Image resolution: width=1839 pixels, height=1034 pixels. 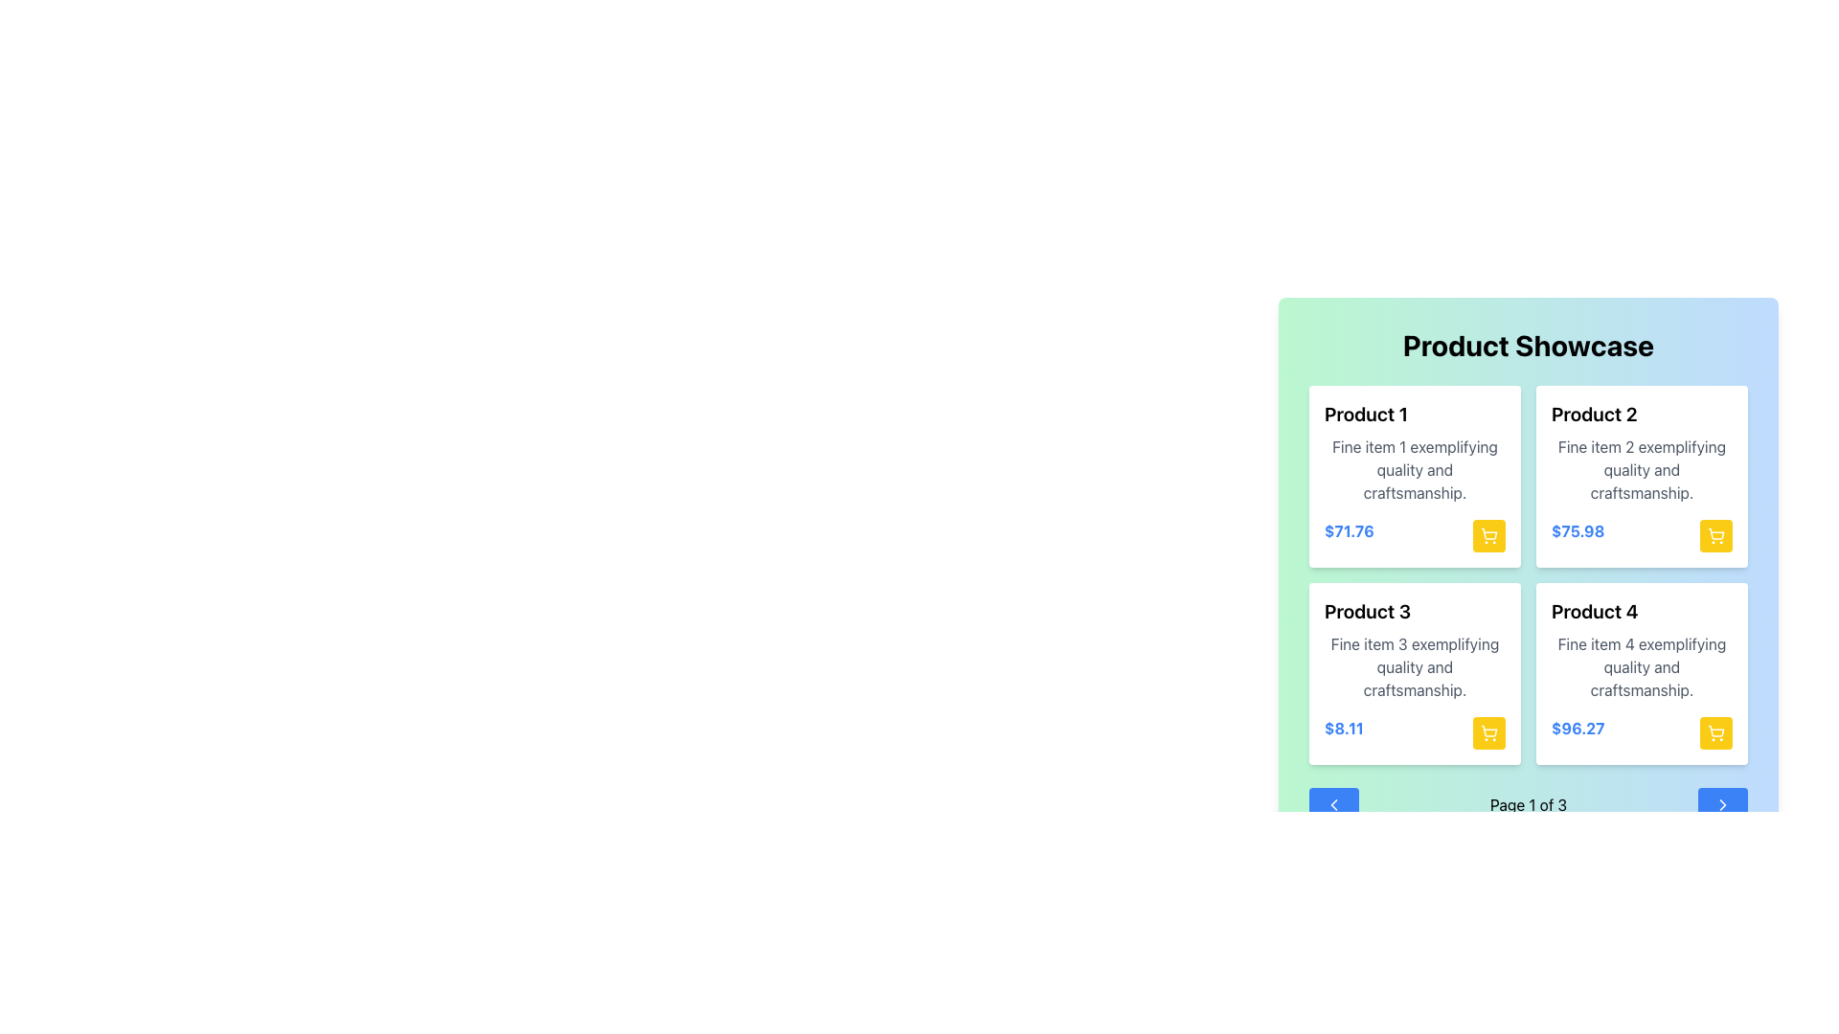 What do you see at coordinates (1332, 804) in the screenshot?
I see `the left-facing chevron icon within the blue rectangular navigation button at the bottom left of the product listings component` at bounding box center [1332, 804].